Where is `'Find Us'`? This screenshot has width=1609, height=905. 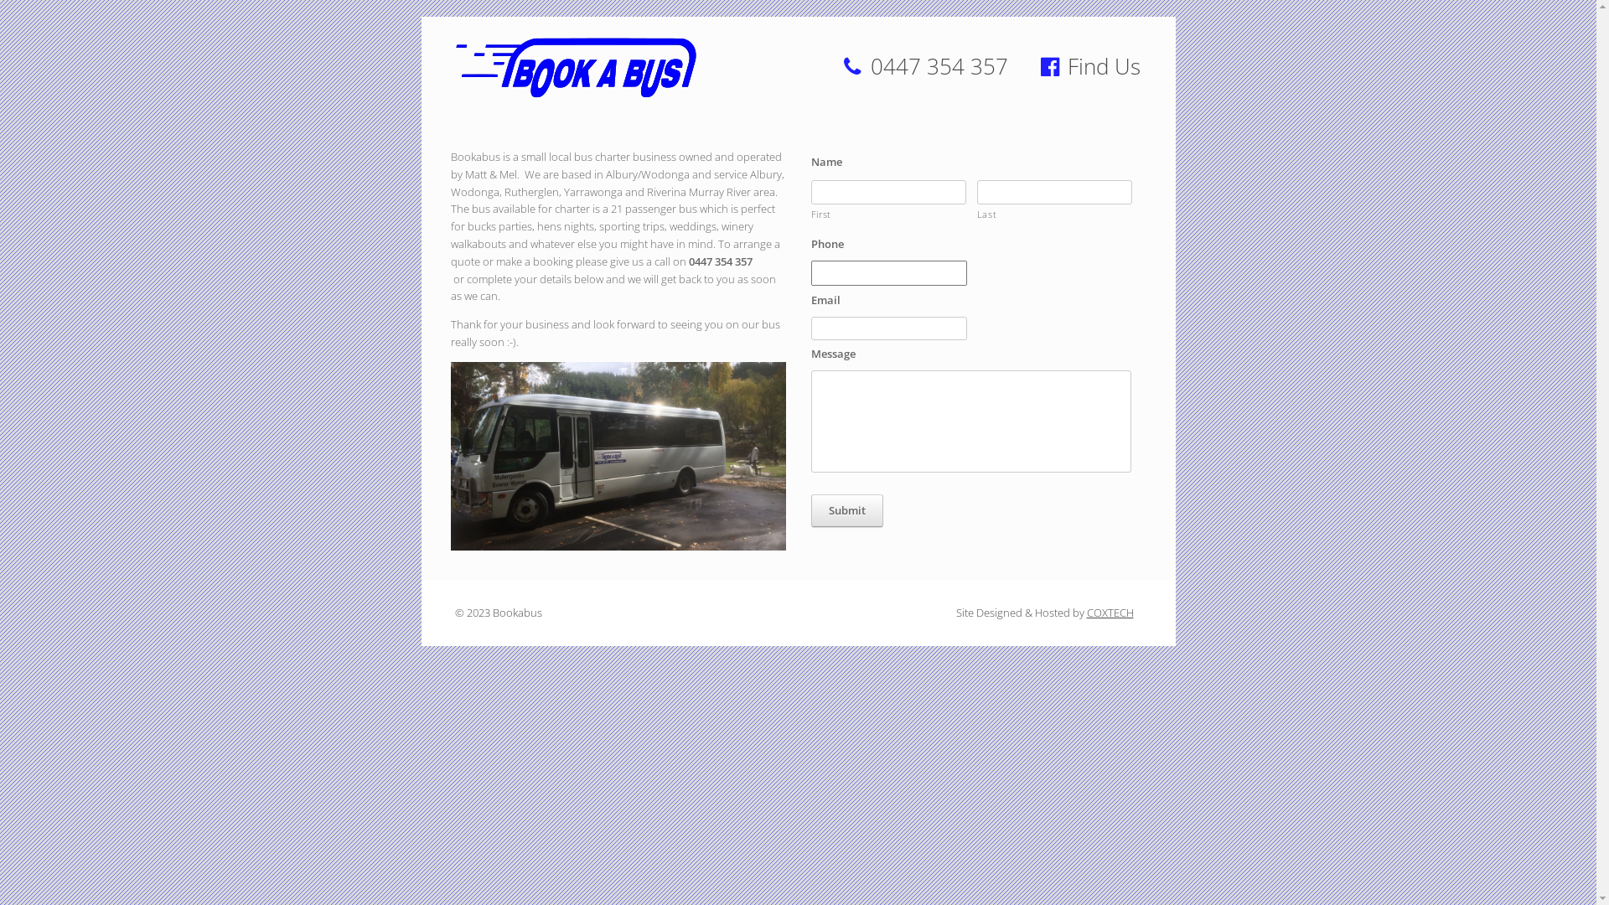
'Find Us' is located at coordinates (1089, 65).